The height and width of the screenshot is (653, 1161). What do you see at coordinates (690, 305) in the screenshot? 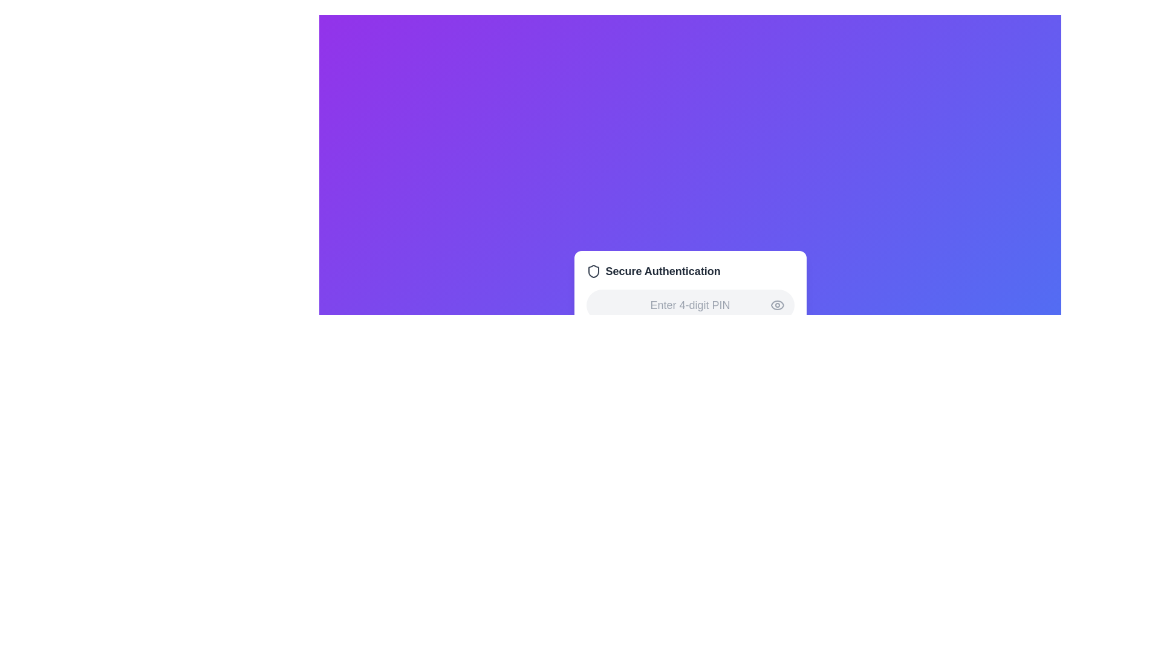
I see `the text input field for the 4-digit PIN to focus and prepare for digit entry` at bounding box center [690, 305].